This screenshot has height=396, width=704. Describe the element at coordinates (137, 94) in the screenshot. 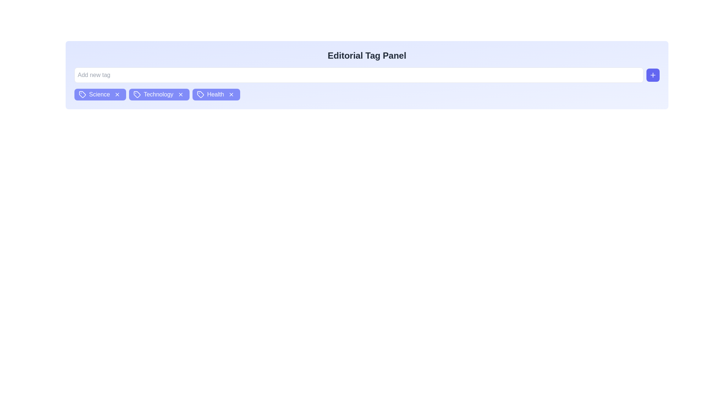

I see `the icon representing the 'Technology' label, which is located on the left-hand side of the 'Technology' chip, the second chip in the horizontal list of tags under the 'Add new tag' input field` at that location.